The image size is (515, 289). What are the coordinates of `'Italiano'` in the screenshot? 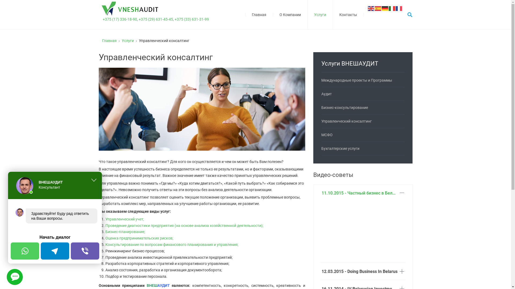 It's located at (392, 8).